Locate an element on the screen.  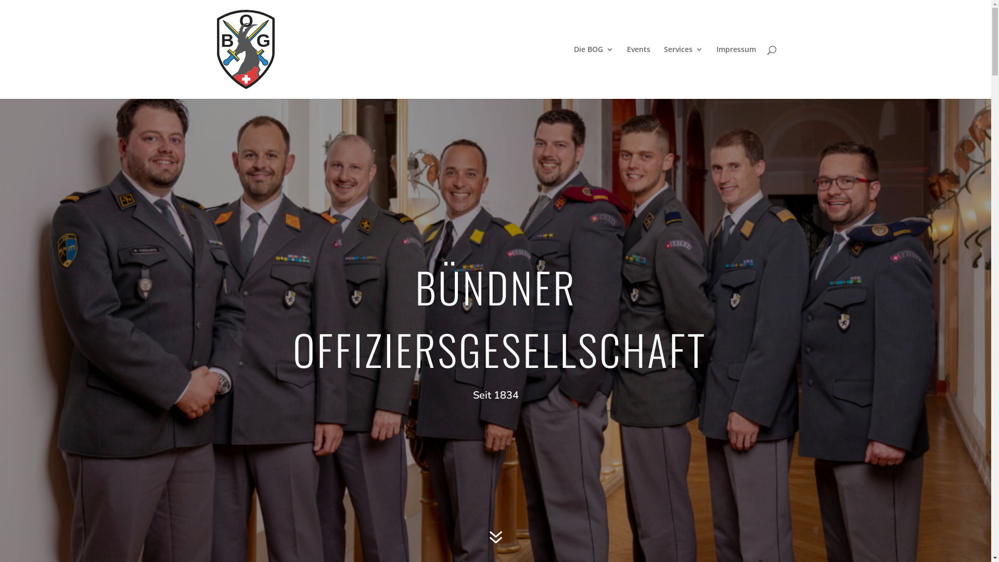
'Die BOG' is located at coordinates (593, 71).